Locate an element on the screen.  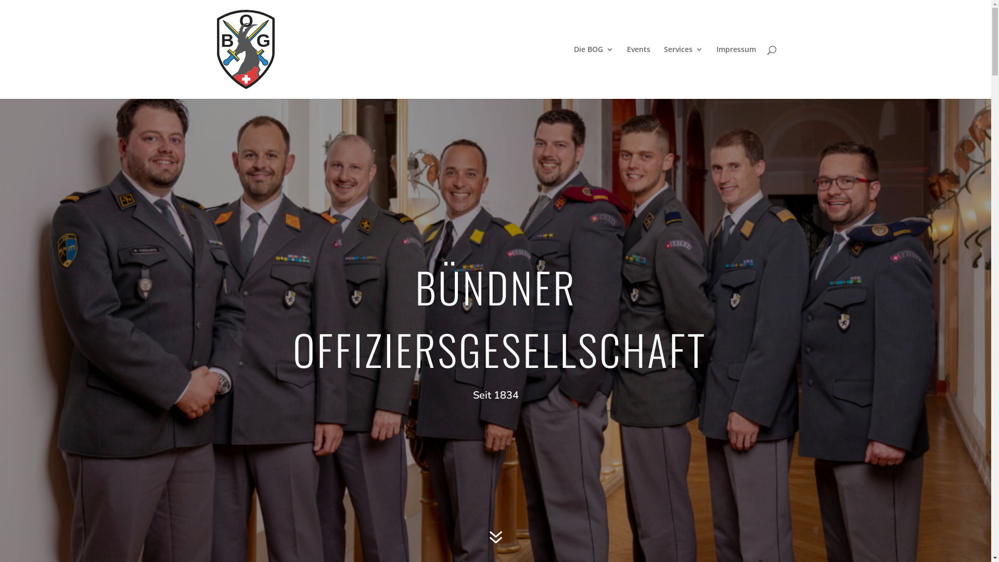
'Die BOG' is located at coordinates (593, 71).